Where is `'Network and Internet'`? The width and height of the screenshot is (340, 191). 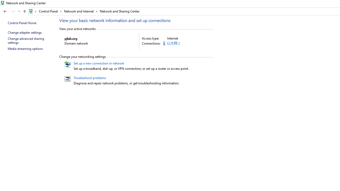
'Network and Internet' is located at coordinates (80, 11).